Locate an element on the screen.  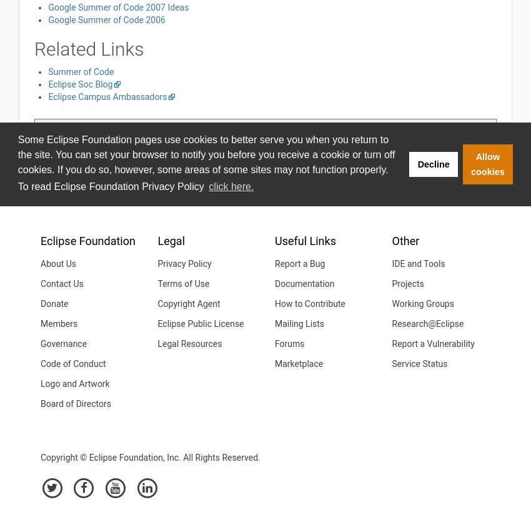
'Governance' is located at coordinates (63, 343).